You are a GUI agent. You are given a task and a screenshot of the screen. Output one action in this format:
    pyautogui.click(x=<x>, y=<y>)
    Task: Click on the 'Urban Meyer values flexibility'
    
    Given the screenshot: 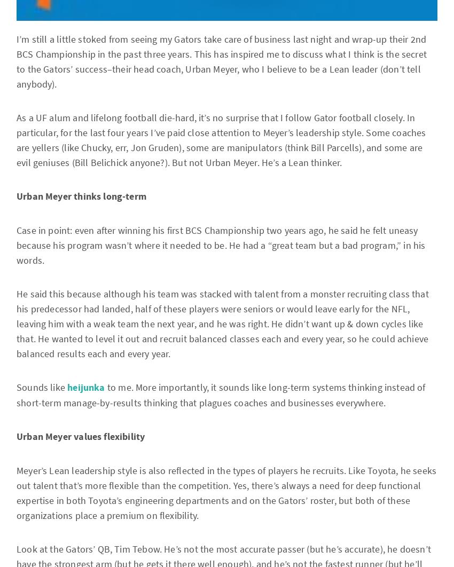 What is the action you would take?
    pyautogui.click(x=80, y=436)
    